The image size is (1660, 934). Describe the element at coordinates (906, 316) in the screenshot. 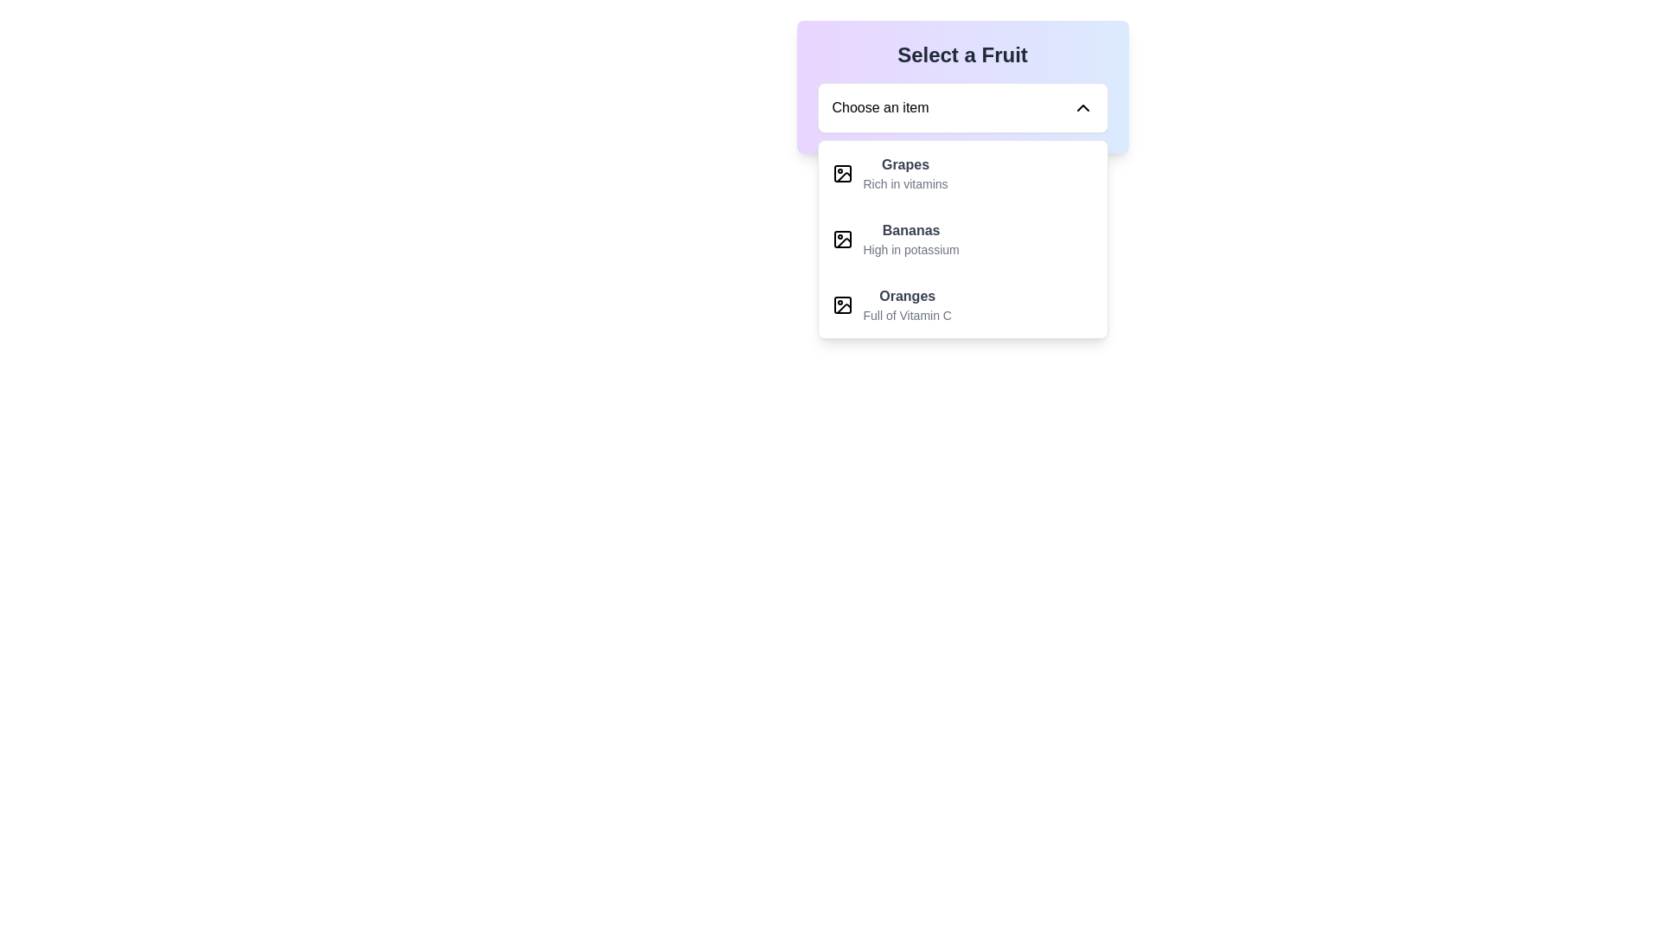

I see `the supplementary description text label for 'Oranges' located in the dropdown menu, which provides additional details about the fruit selection` at that location.